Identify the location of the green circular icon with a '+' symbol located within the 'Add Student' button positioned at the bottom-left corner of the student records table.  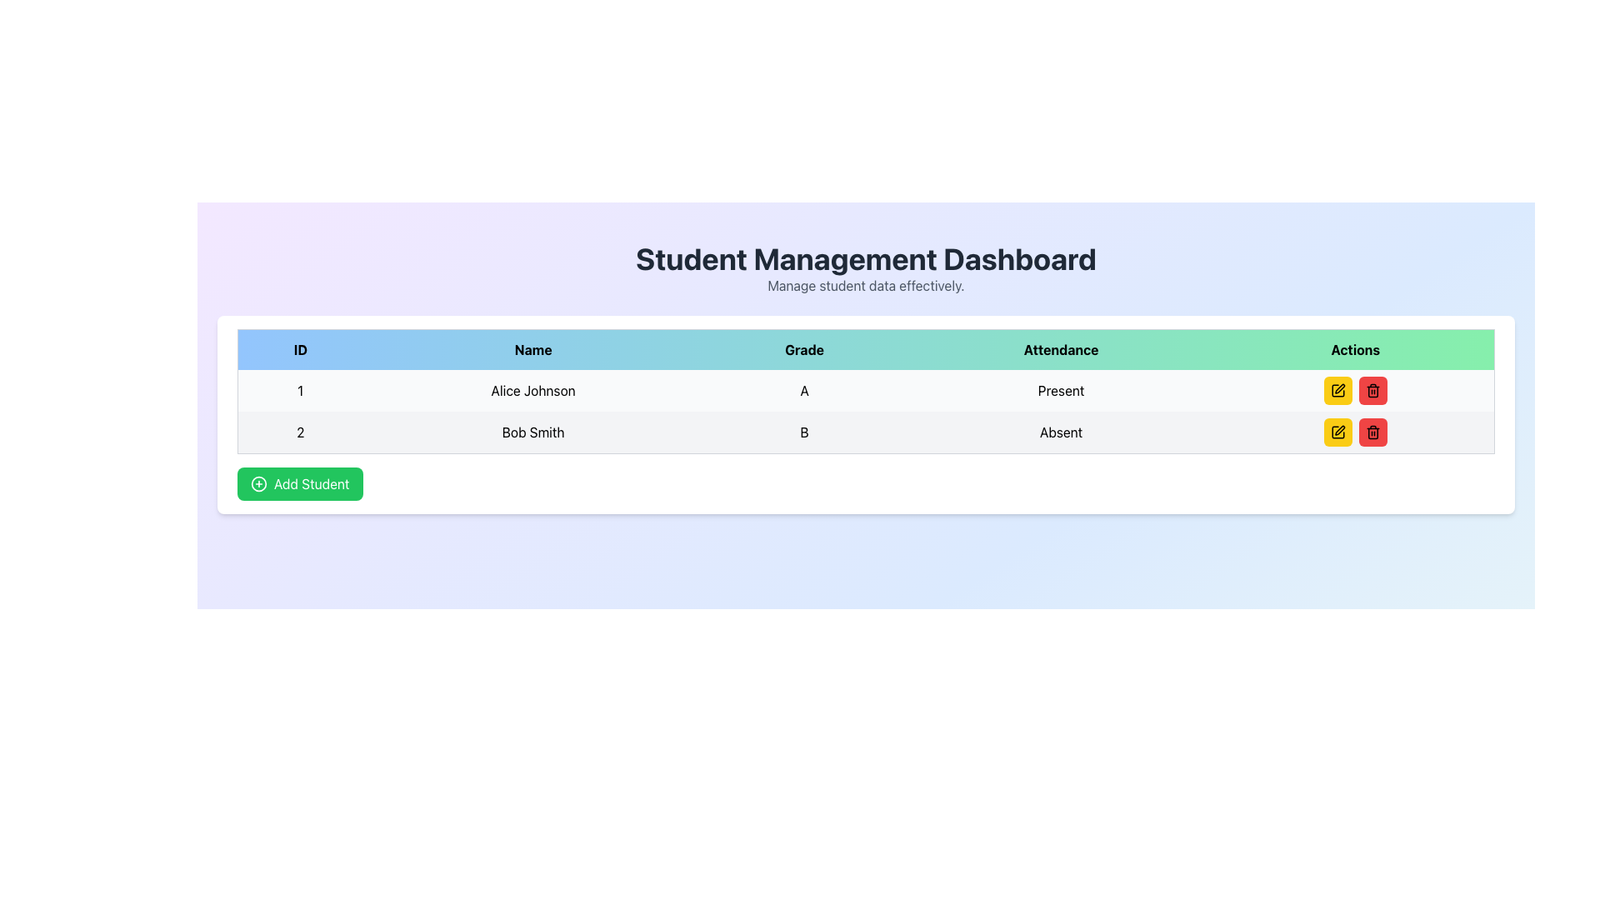
(258, 484).